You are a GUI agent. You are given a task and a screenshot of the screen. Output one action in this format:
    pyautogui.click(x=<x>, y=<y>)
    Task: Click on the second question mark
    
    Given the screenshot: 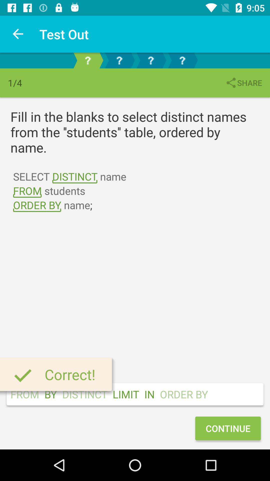 What is the action you would take?
    pyautogui.click(x=119, y=60)
    